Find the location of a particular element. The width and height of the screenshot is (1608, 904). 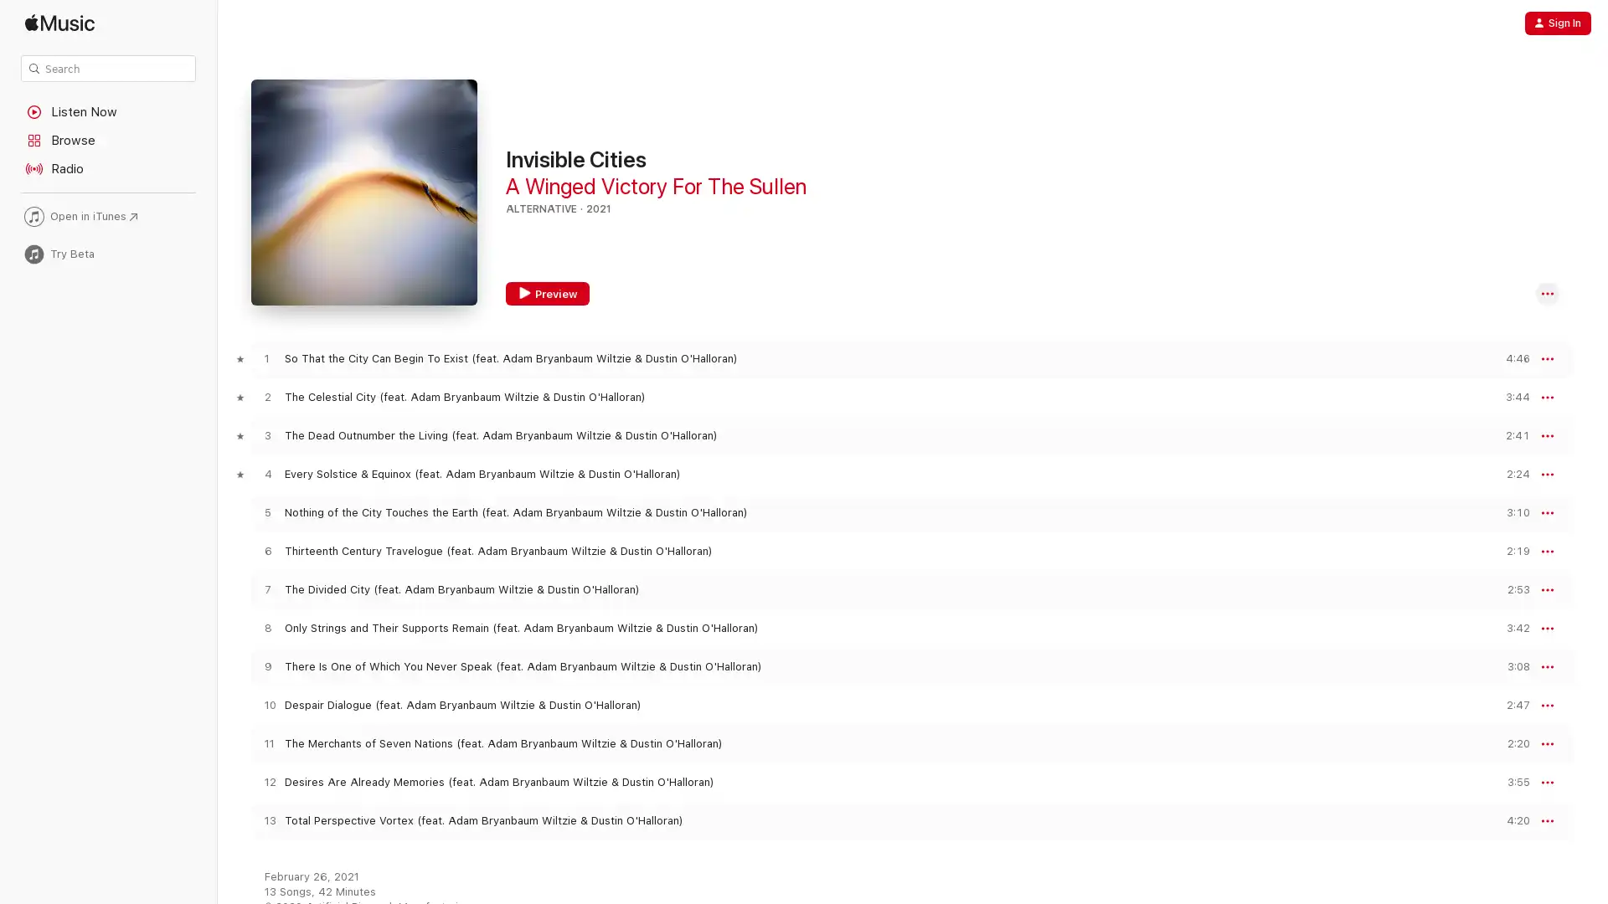

Play is located at coordinates (266, 551).